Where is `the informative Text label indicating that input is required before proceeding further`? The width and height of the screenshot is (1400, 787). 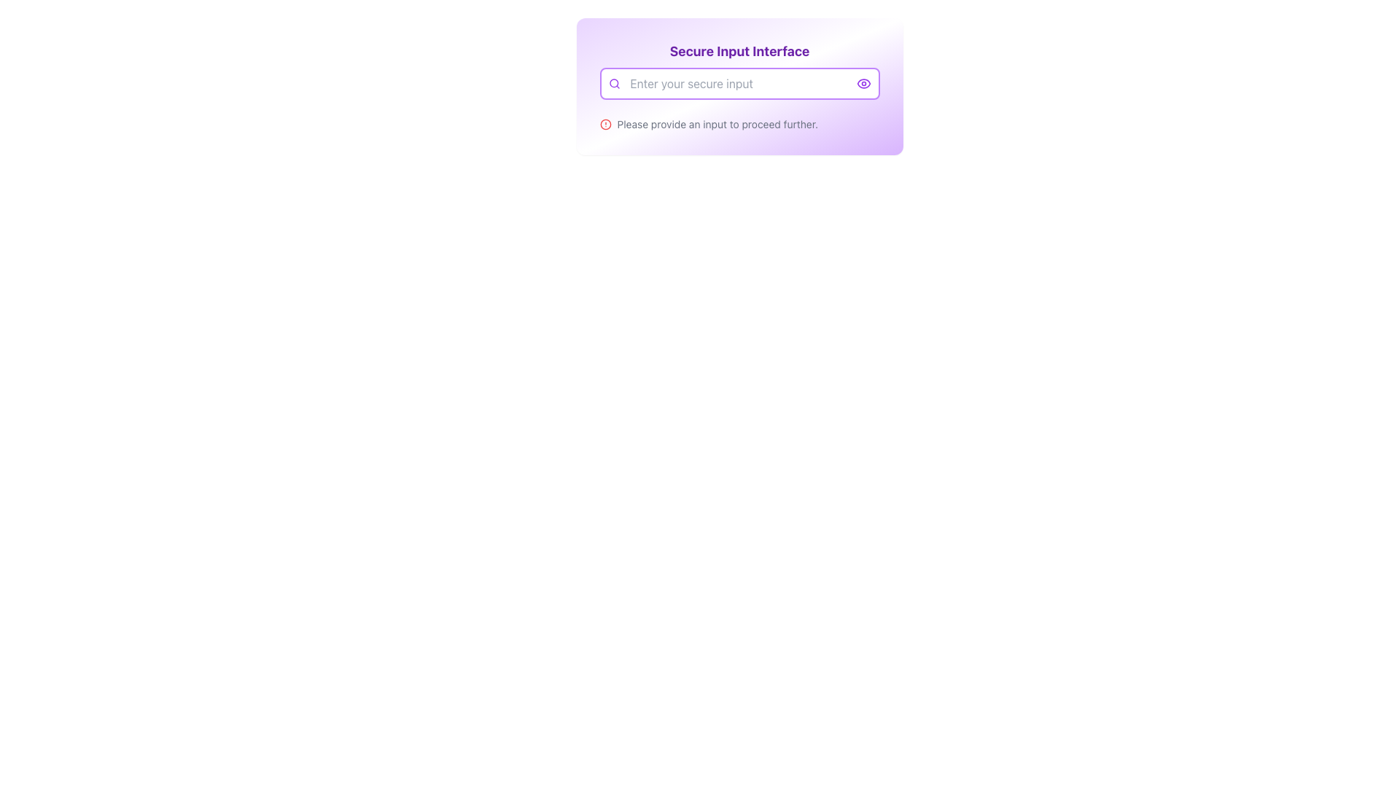 the informative Text label indicating that input is required before proceeding further is located at coordinates (717, 123).